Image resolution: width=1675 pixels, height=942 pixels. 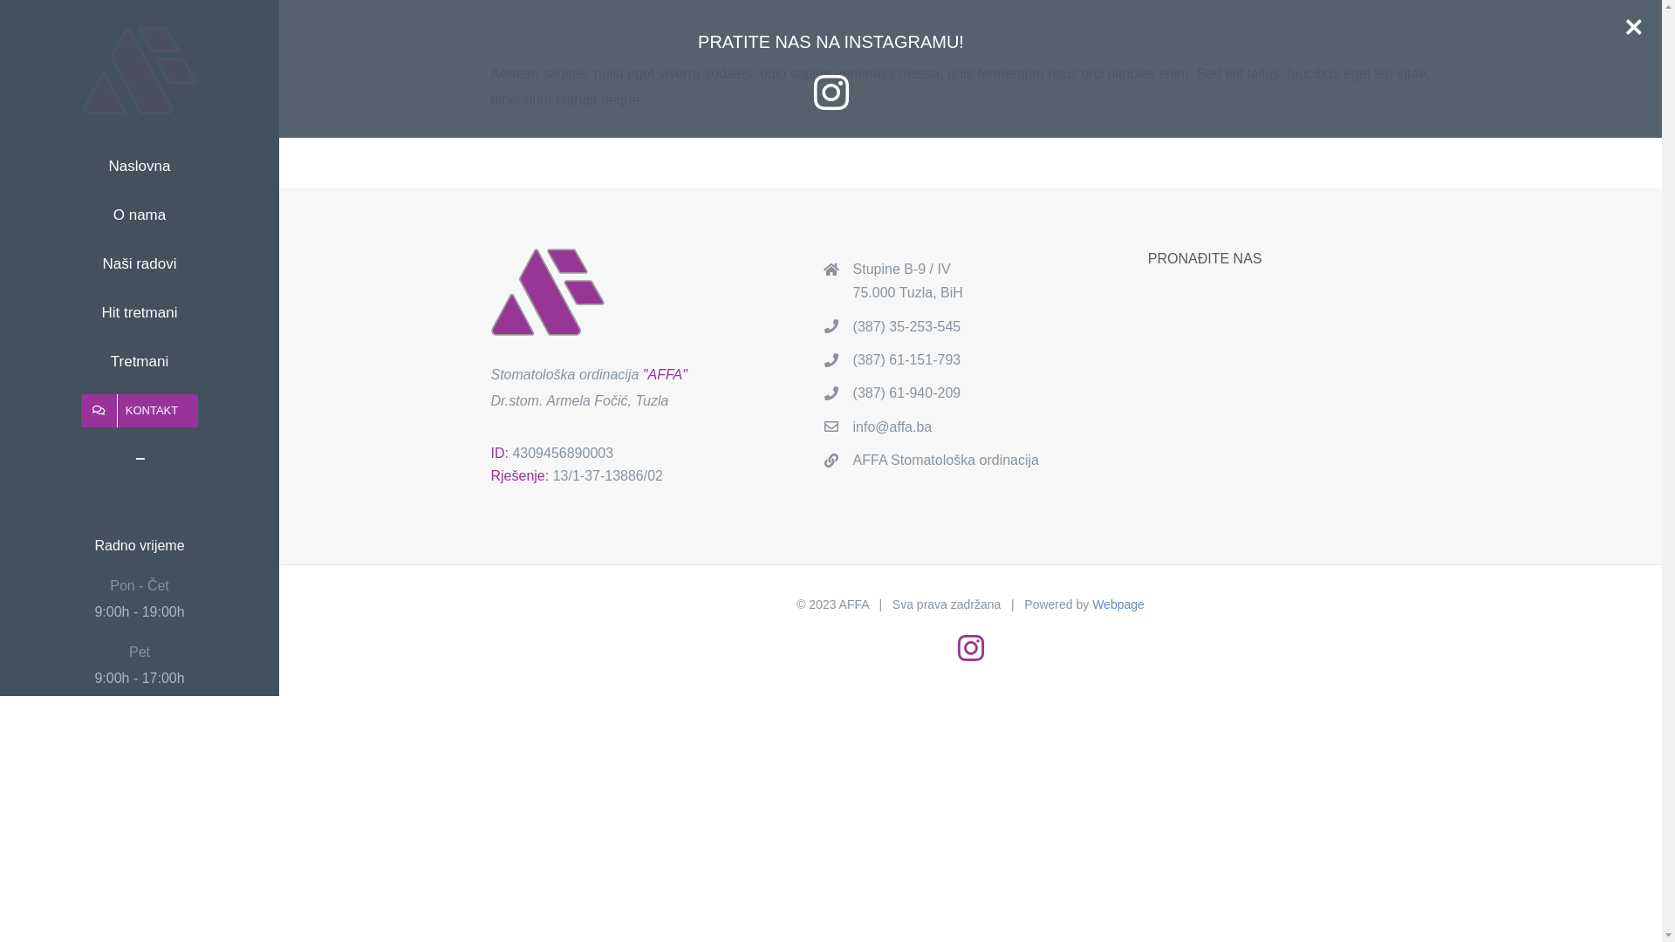 I want to click on 'info@affa.ba', so click(x=988, y=427).